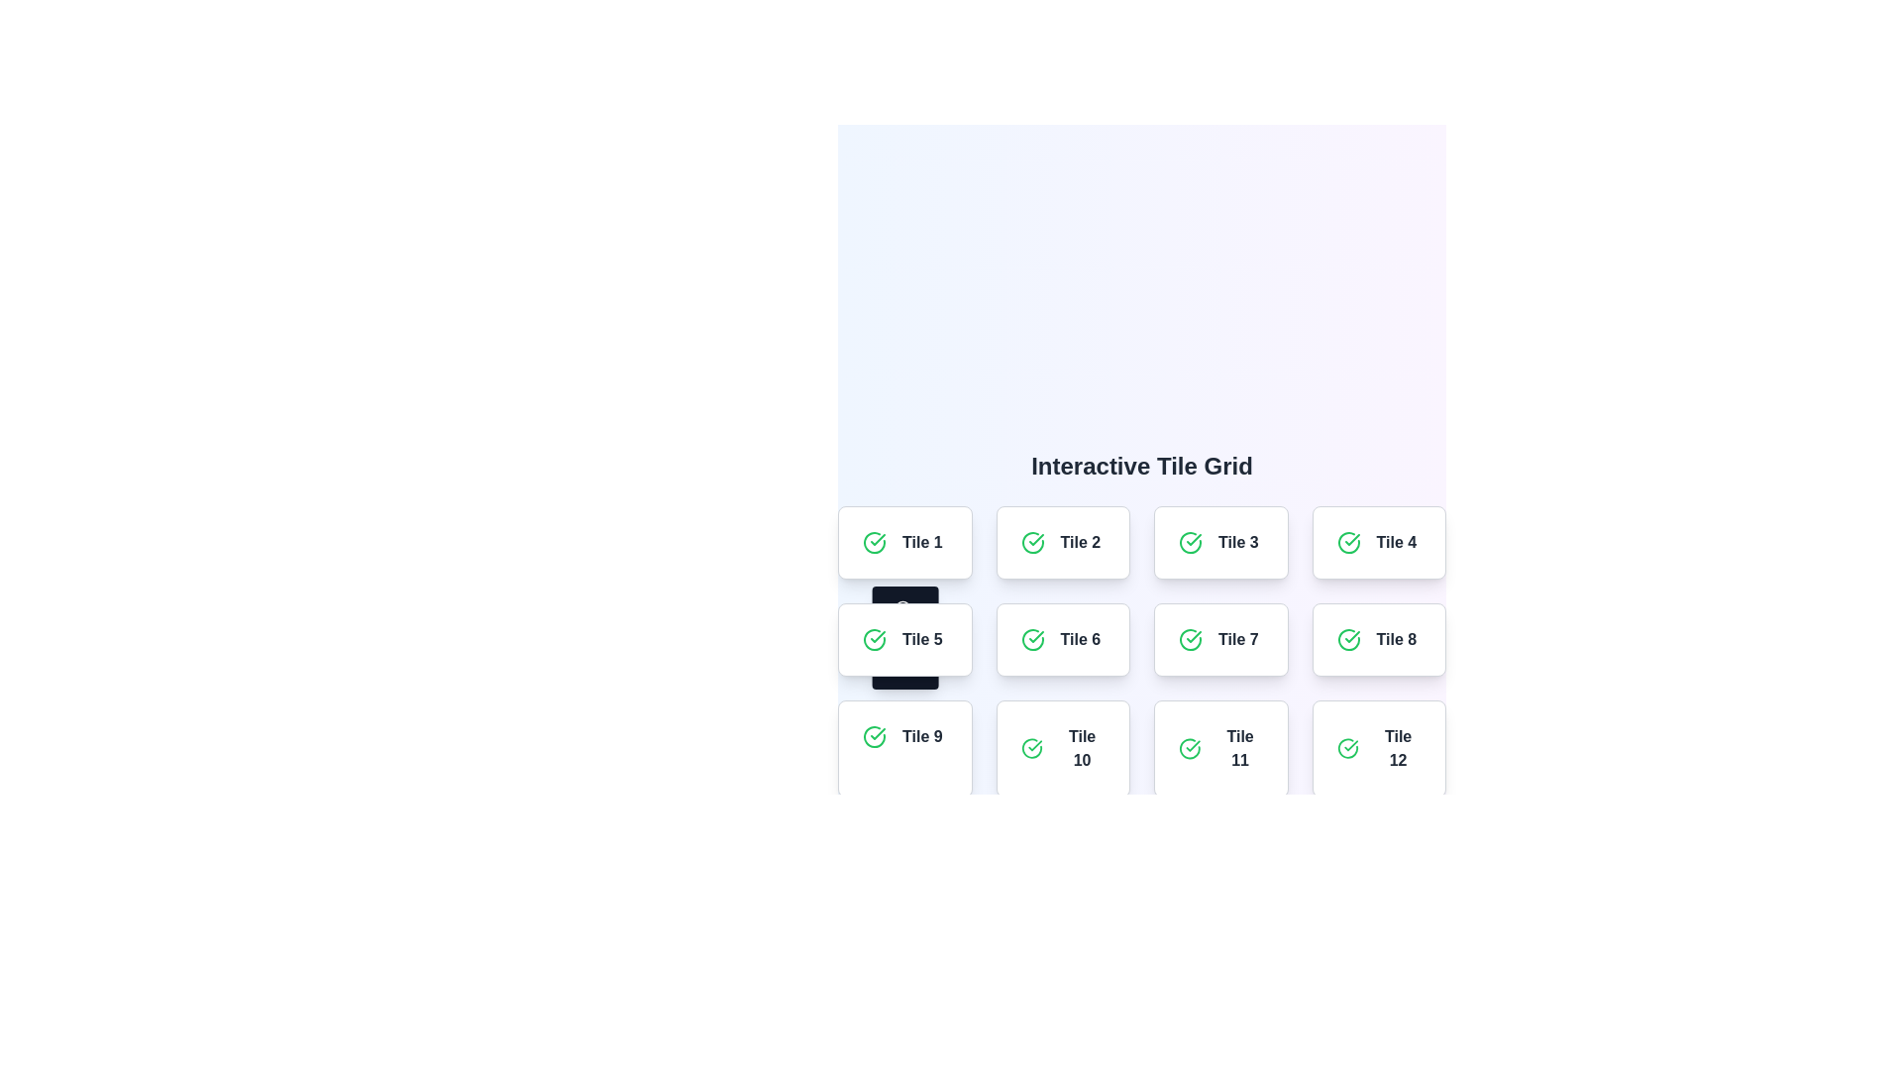 The image size is (1902, 1070). What do you see at coordinates (1378, 749) in the screenshot?
I see `the interactive tile labeled 'Tile 12' located in the fourth row and third column of the grid` at bounding box center [1378, 749].